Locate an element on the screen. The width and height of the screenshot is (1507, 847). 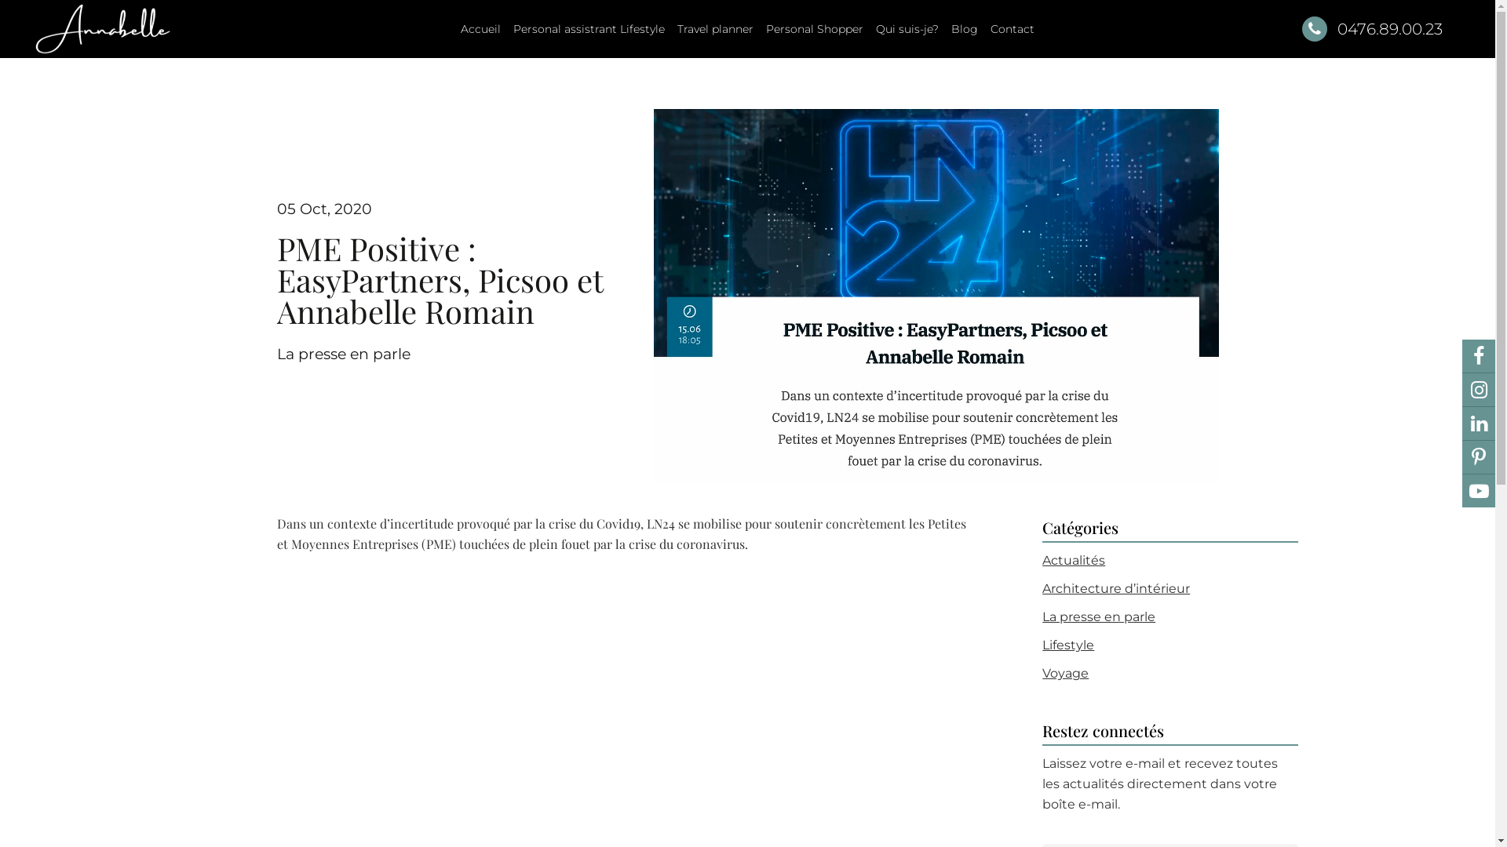
'Contact' is located at coordinates (1013, 29).